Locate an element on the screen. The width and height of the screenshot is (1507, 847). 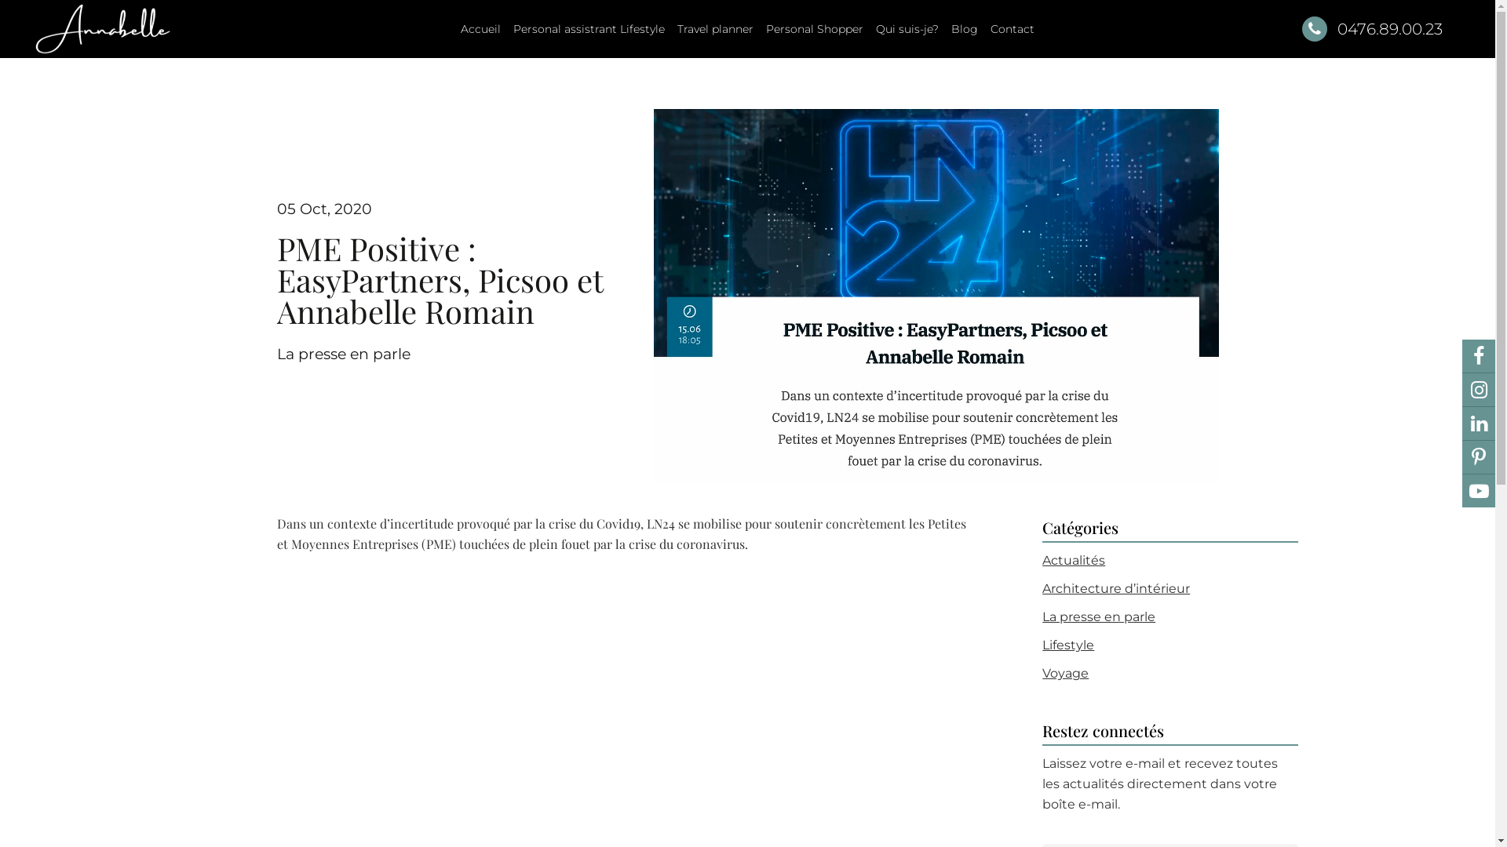
'Contact' is located at coordinates (1013, 29).